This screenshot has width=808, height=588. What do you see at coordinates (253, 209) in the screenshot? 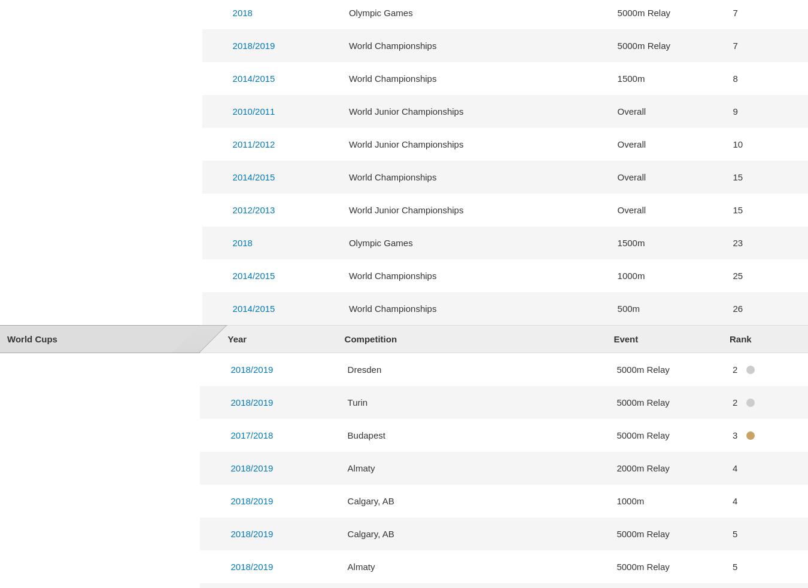
I see `'2012/2013'` at bounding box center [253, 209].